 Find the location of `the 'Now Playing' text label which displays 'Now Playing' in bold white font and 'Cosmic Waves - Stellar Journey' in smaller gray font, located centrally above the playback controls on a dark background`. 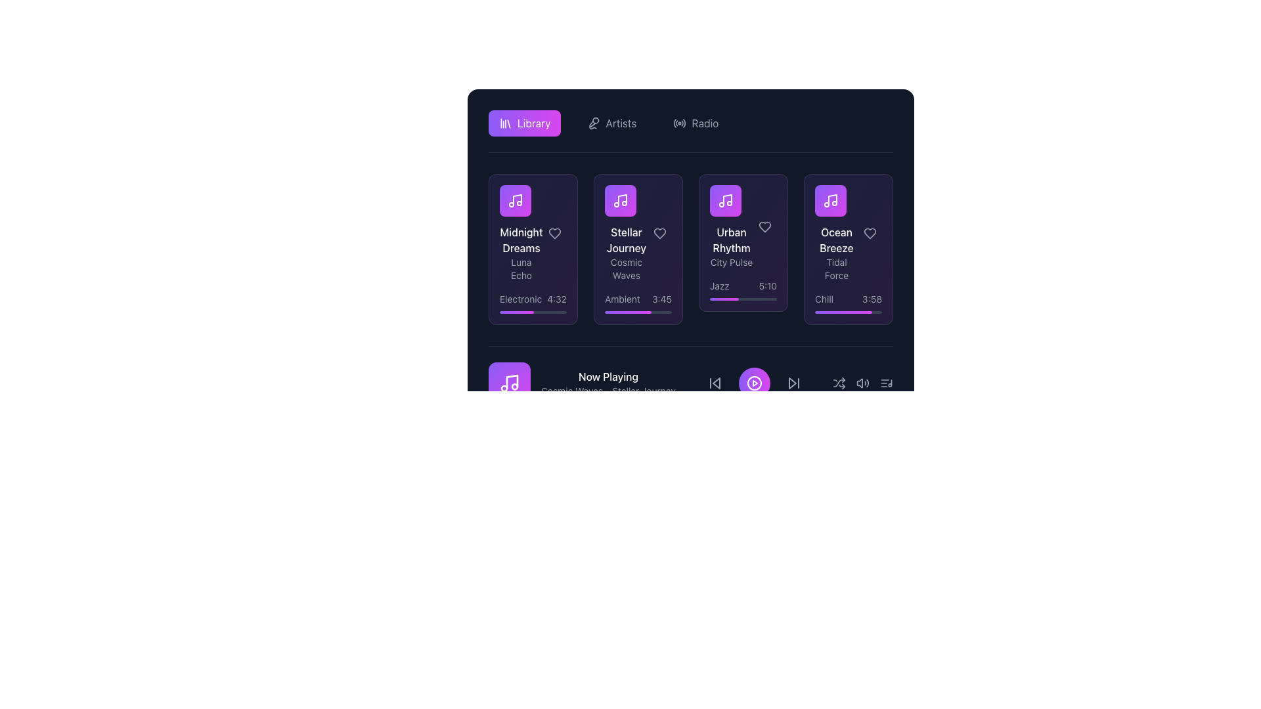

the 'Now Playing' text label which displays 'Now Playing' in bold white font and 'Cosmic Waves - Stellar Journey' in smaller gray font, located centrally above the playback controls on a dark background is located at coordinates (608, 383).